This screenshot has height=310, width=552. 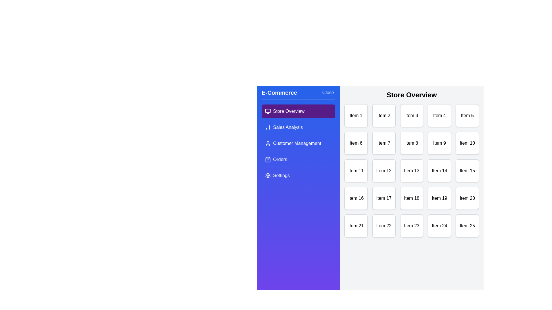 What do you see at coordinates (298, 127) in the screenshot?
I see `the menu option Sales Analysis from the drawer` at bounding box center [298, 127].